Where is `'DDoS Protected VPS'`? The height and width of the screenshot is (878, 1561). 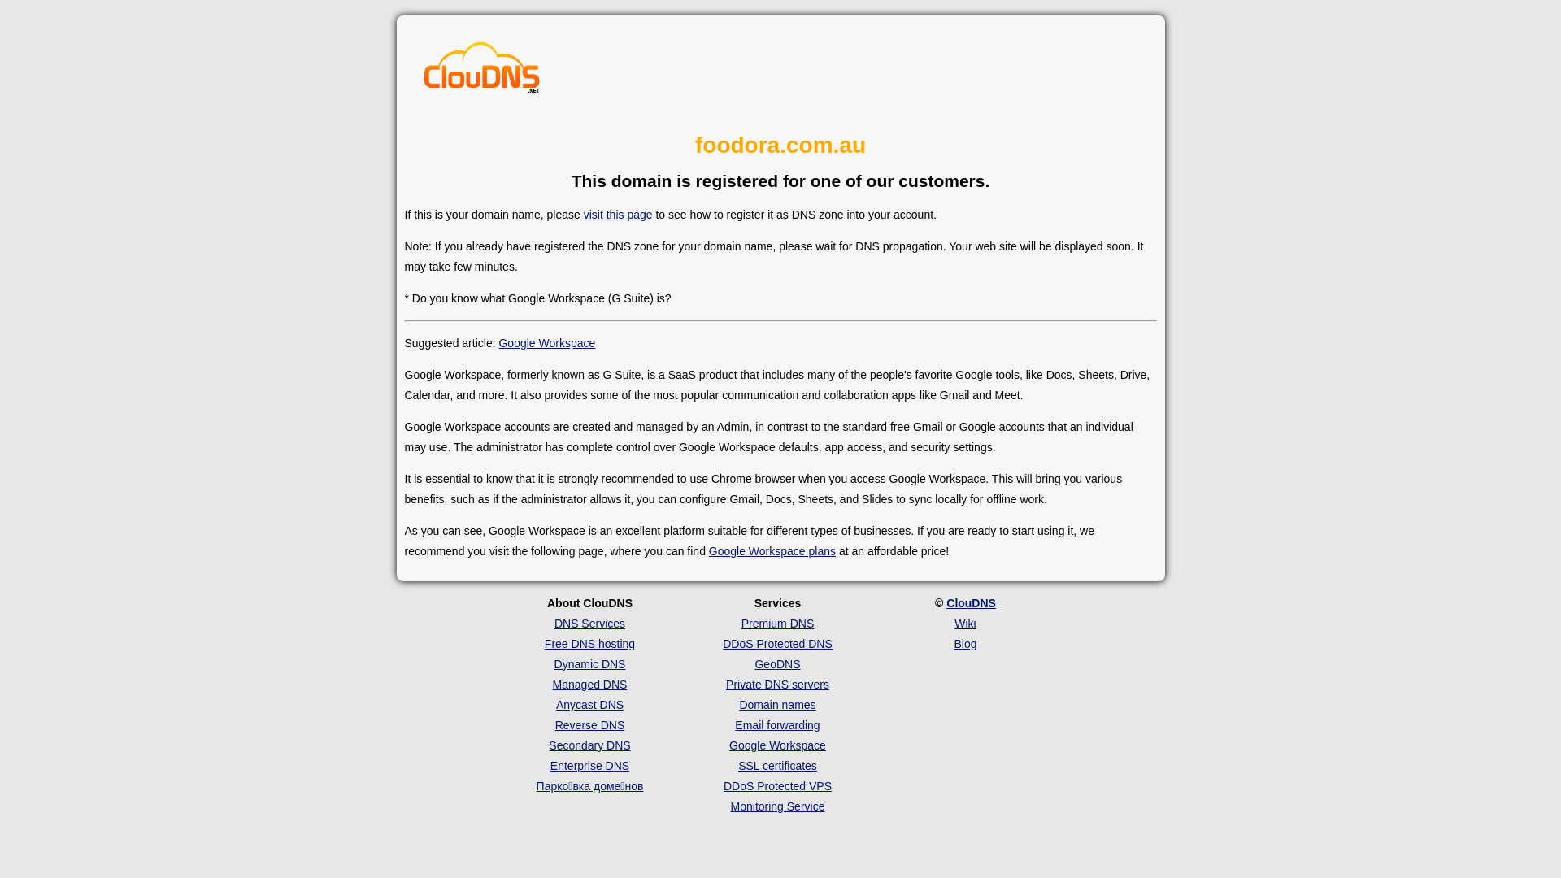 'DDoS Protected VPS' is located at coordinates (776, 785).